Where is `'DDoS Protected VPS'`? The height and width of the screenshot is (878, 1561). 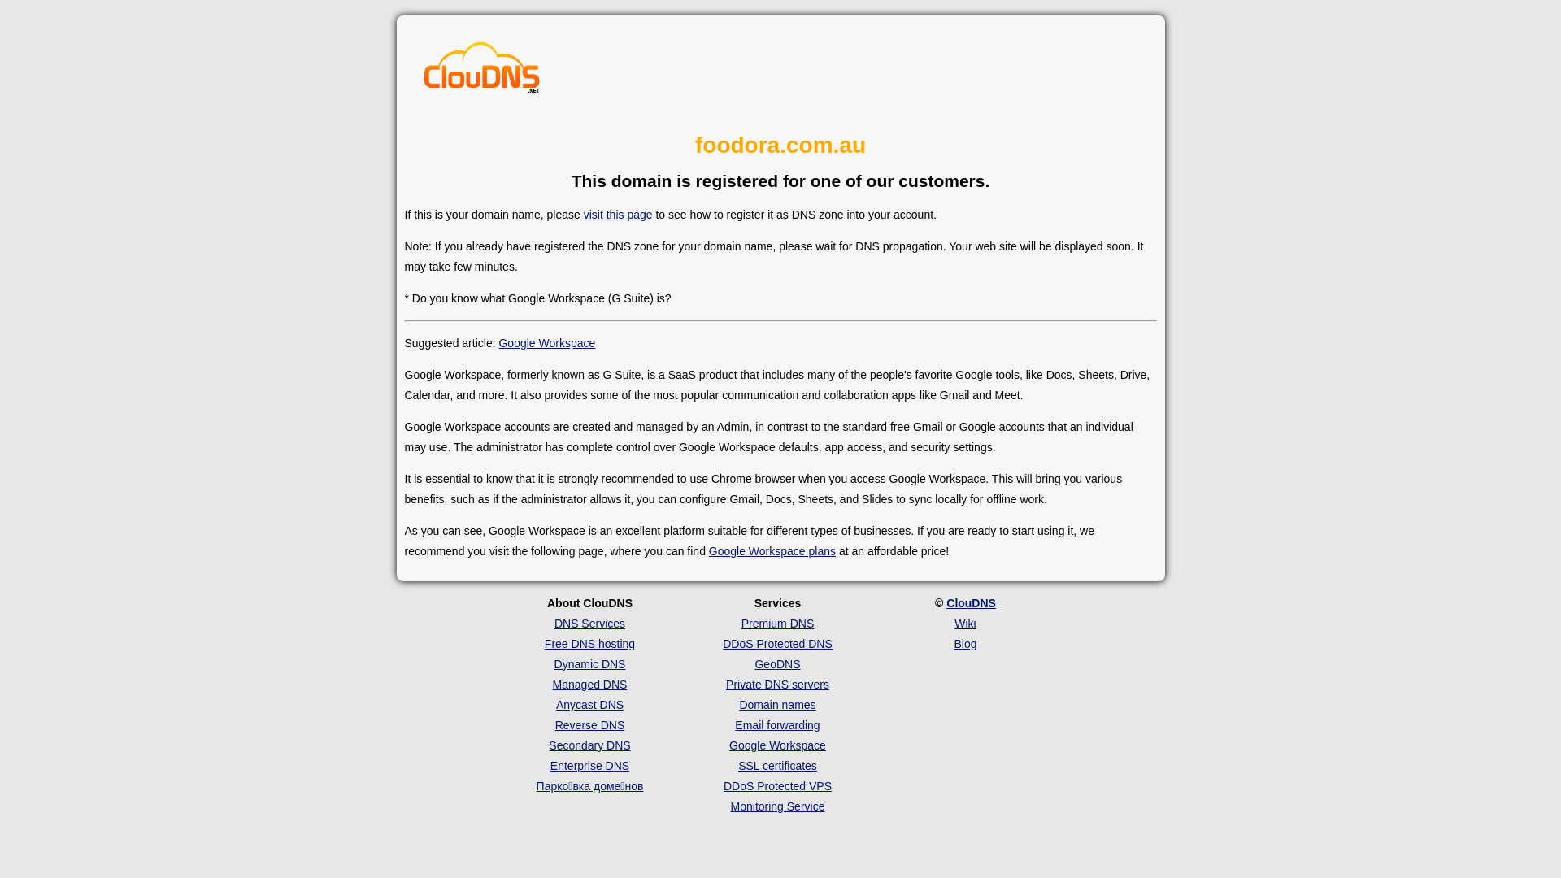 'DDoS Protected VPS' is located at coordinates (776, 785).